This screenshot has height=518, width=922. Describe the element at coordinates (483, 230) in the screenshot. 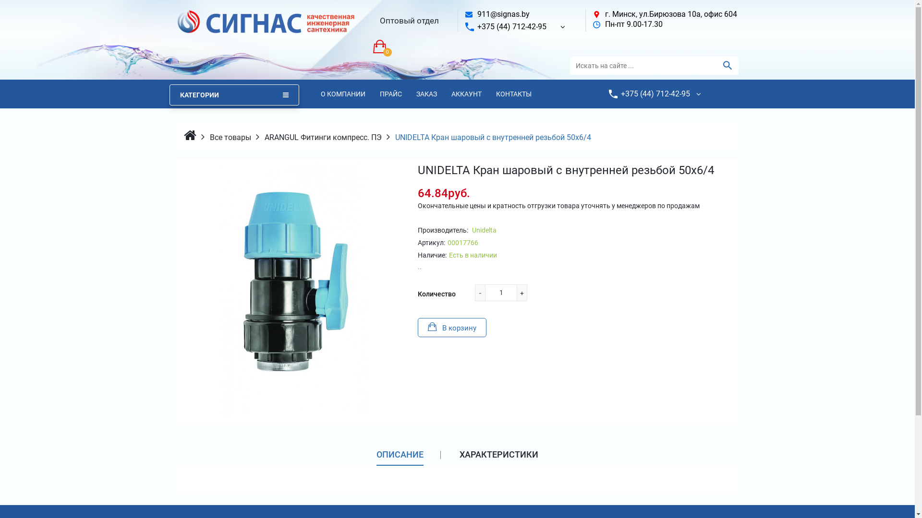

I see `'Unidelta'` at that location.